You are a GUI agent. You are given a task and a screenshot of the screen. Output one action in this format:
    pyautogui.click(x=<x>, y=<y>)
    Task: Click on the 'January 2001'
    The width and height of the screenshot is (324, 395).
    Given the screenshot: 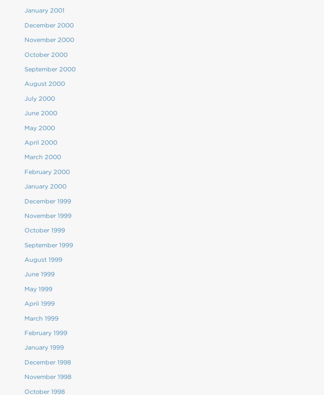 What is the action you would take?
    pyautogui.click(x=44, y=10)
    